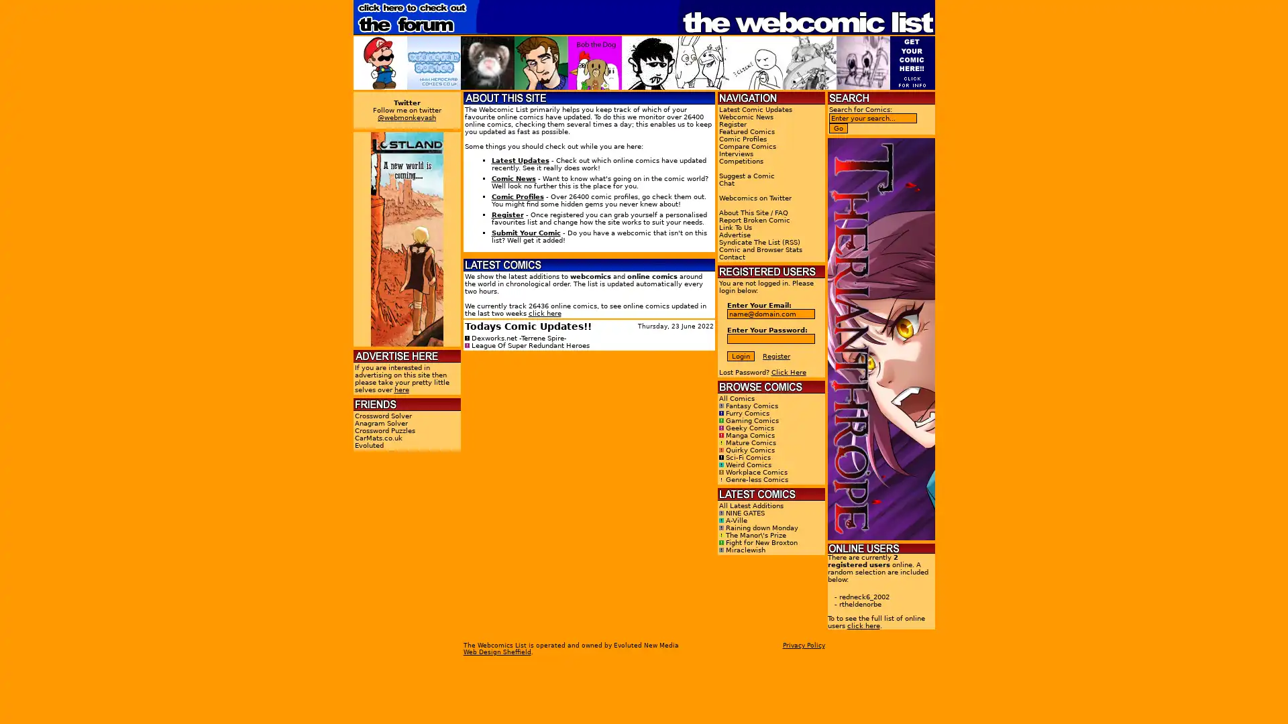  Describe the element at coordinates (837, 128) in the screenshot. I see `Go` at that location.